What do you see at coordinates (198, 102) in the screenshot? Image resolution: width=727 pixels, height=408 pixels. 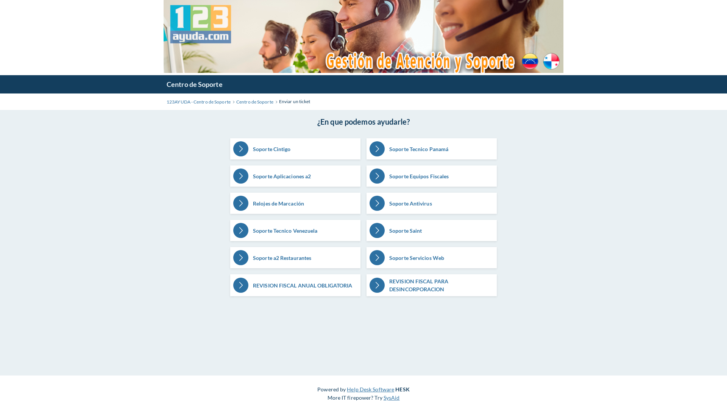 I see `'123AYUDA - Centro de Soporte'` at bounding box center [198, 102].